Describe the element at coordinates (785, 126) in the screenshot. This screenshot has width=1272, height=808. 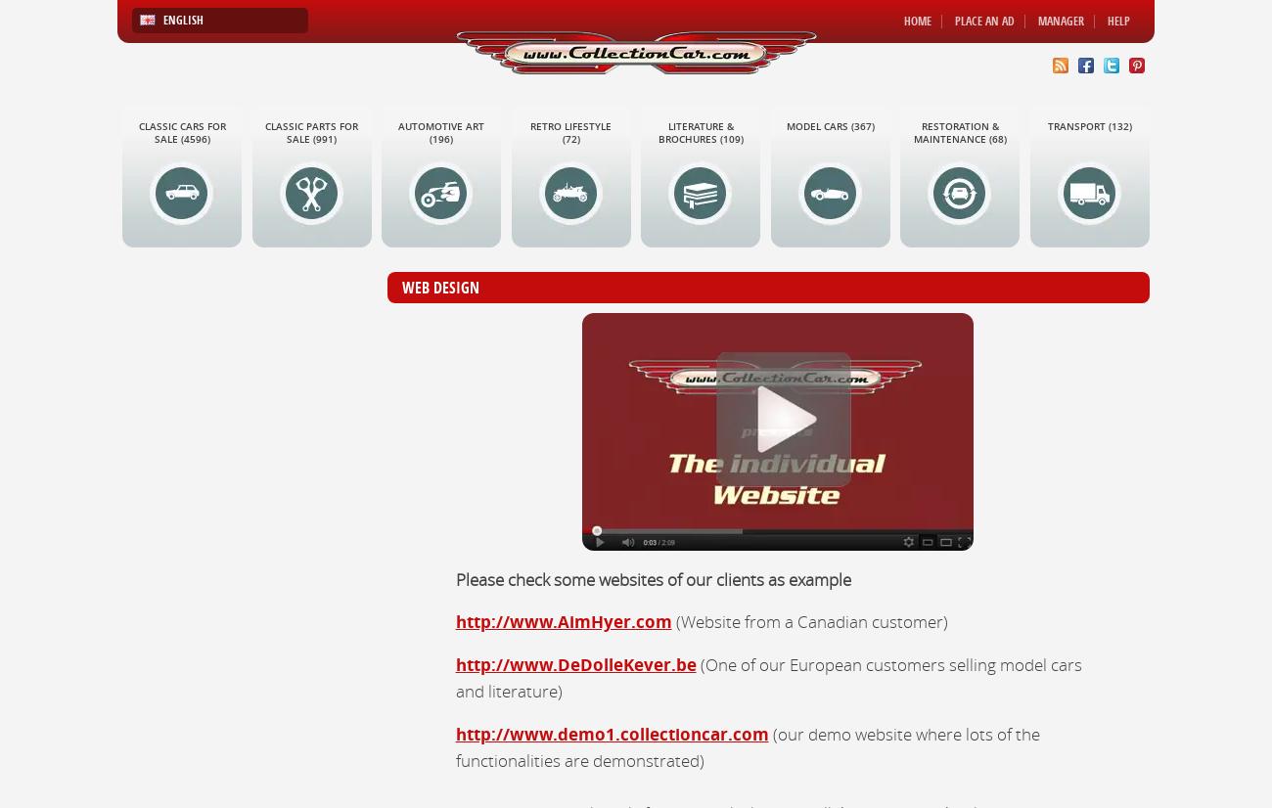
I see `'Model cars (367)'` at that location.